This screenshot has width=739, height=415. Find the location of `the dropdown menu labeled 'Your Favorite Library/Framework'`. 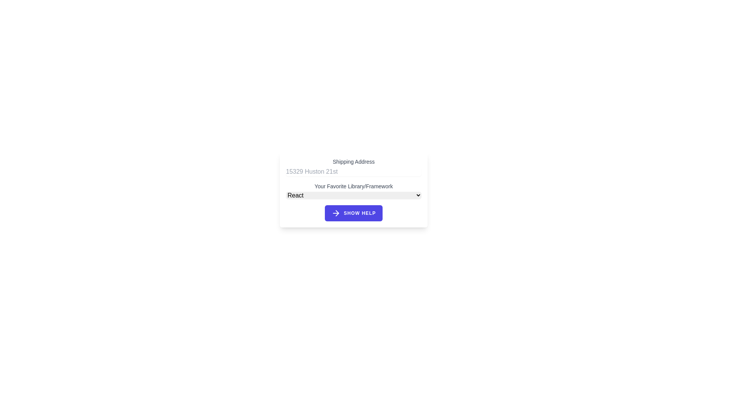

the dropdown menu labeled 'Your Favorite Library/Framework' is located at coordinates (353, 190).